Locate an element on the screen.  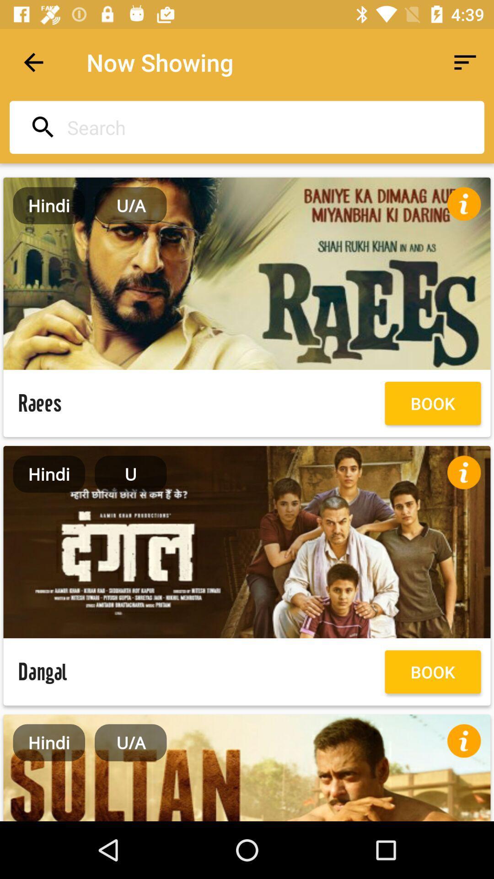
open search bar is located at coordinates (244, 127).